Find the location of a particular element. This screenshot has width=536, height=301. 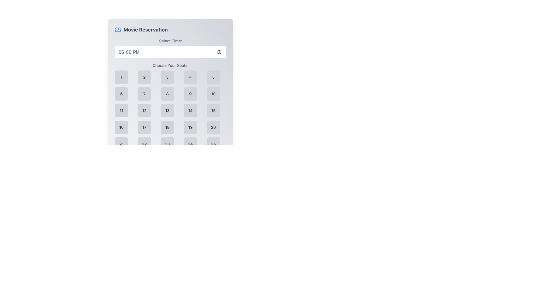

the button that allows users to select seat number '24' for a movie reservation, located in the last row and fourth column of the grid labeled 'Choose Your Seats' is located at coordinates (190, 144).